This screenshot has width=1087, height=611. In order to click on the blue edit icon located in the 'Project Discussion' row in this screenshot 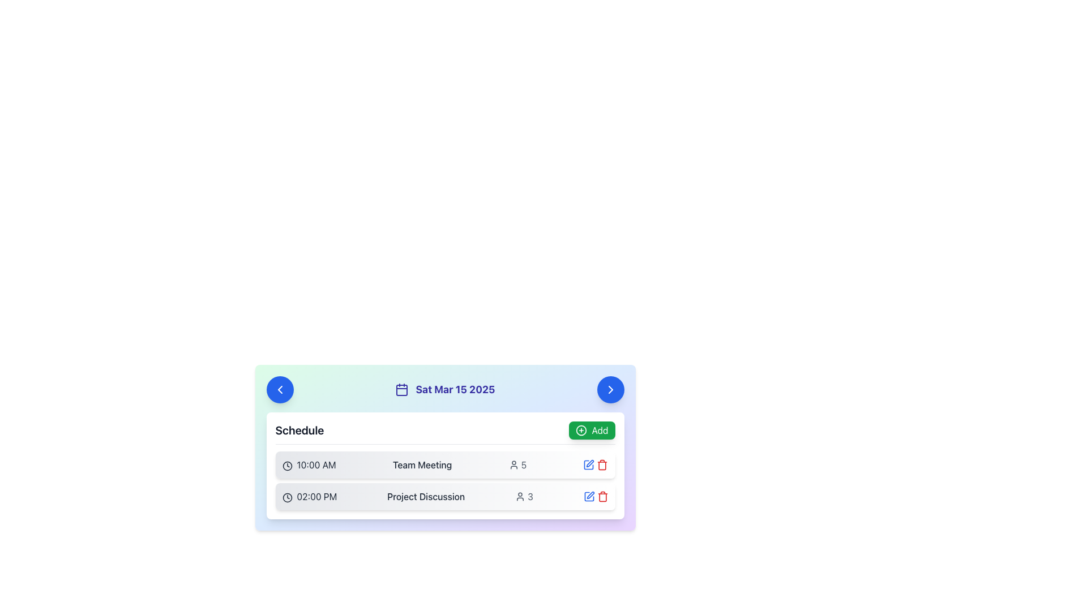, I will do `click(589, 496)`.